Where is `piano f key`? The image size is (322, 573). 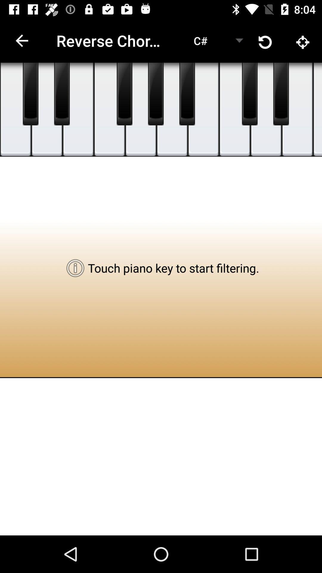
piano f key is located at coordinates (317, 110).